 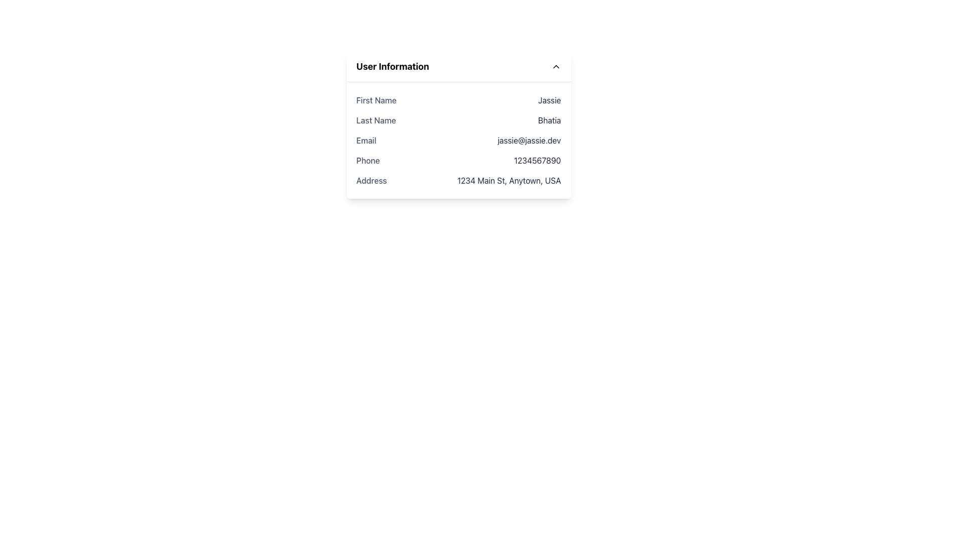 I want to click on the Text Label displaying the user's address information '1234 Main St, Anytown, USA' in the 'User Information' panel, so click(x=509, y=180).